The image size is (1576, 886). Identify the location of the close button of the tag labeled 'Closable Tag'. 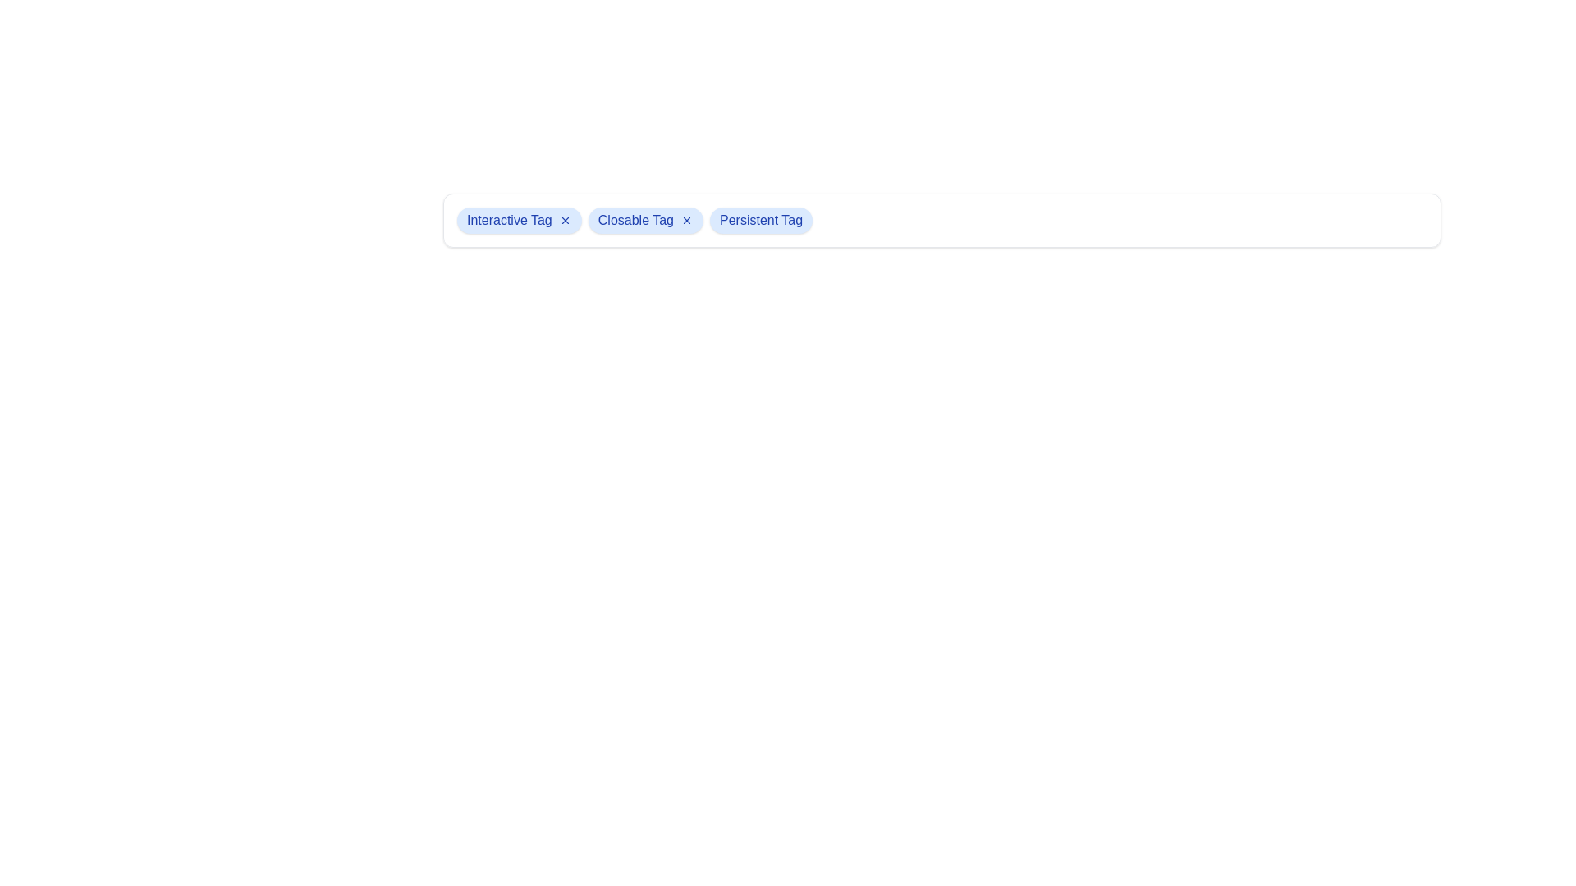
(686, 220).